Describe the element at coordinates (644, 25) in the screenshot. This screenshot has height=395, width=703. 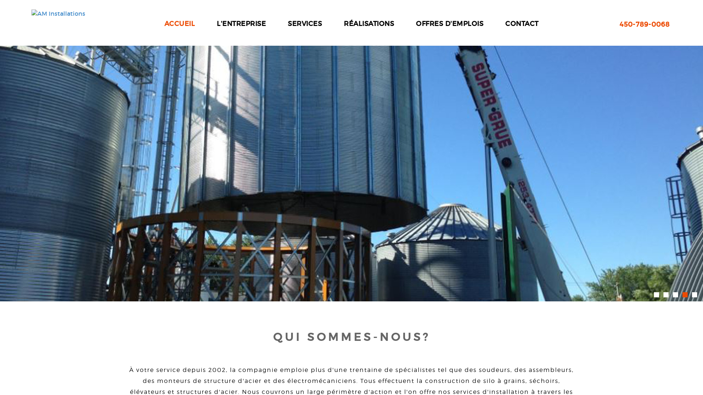
I see `'450-789-0068'` at that location.